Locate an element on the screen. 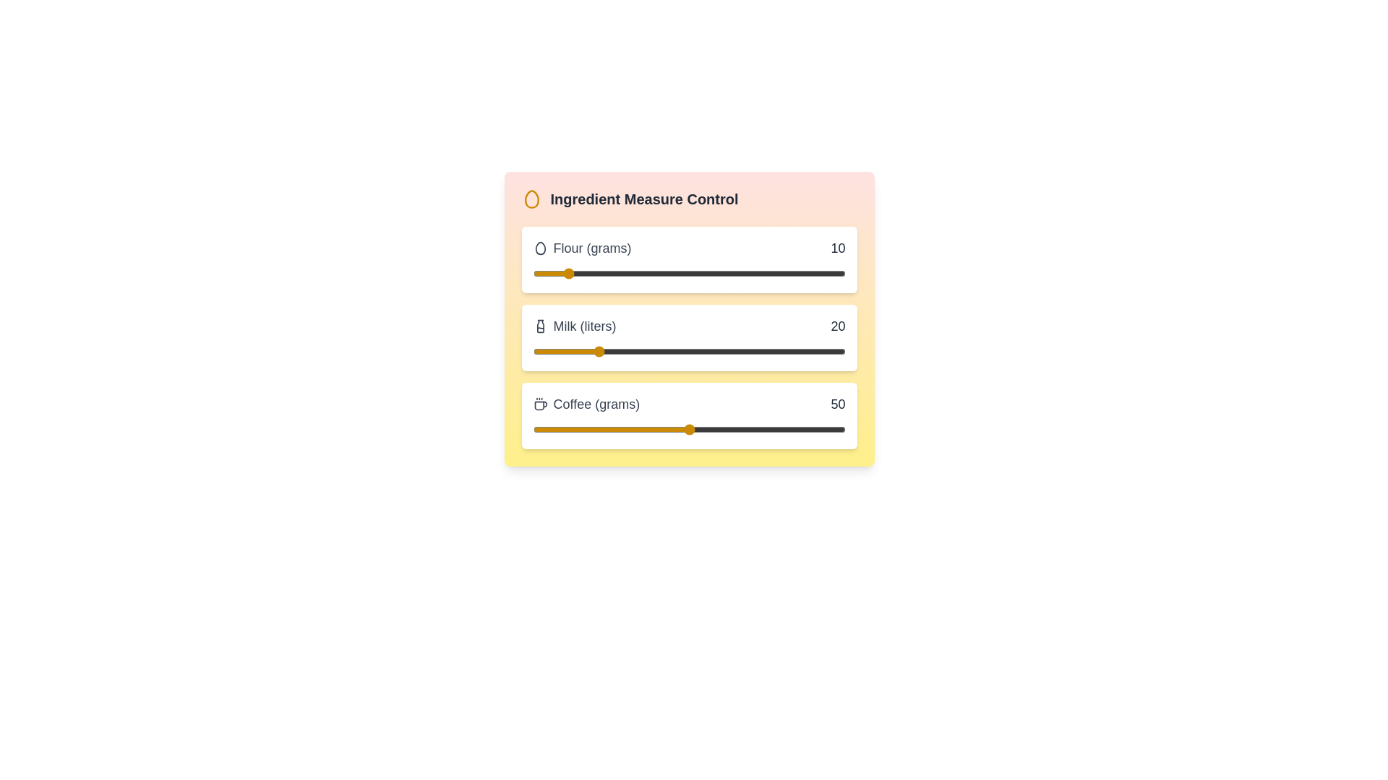  flour amount is located at coordinates (630, 273).